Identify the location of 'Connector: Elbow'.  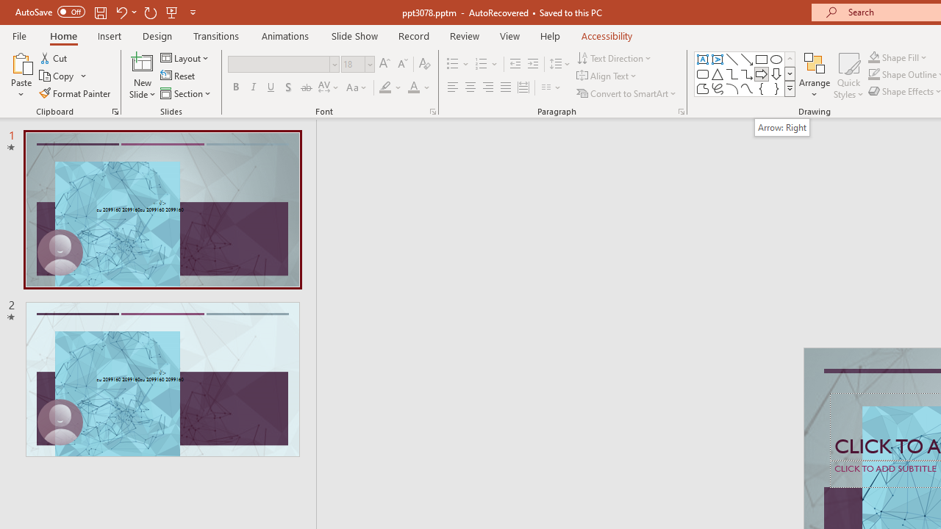
(731, 73).